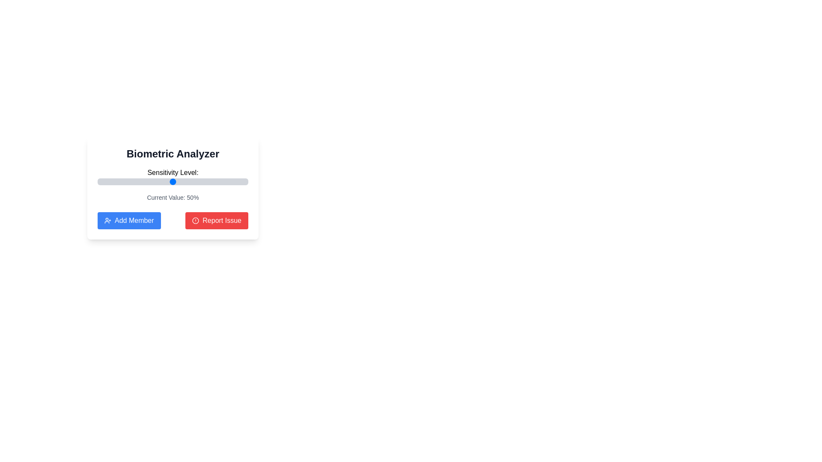 This screenshot has height=462, width=822. Describe the element at coordinates (235, 181) in the screenshot. I see `the sensitivity level` at that location.